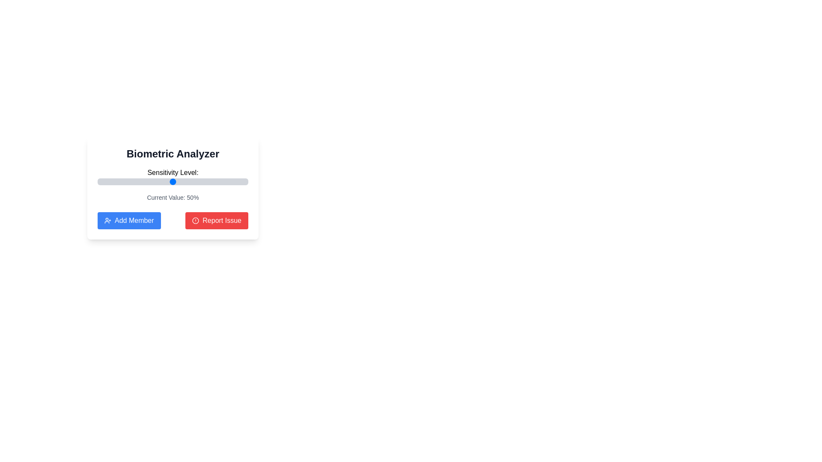 This screenshot has height=462, width=822. Describe the element at coordinates (235, 181) in the screenshot. I see `the sensitivity level` at that location.